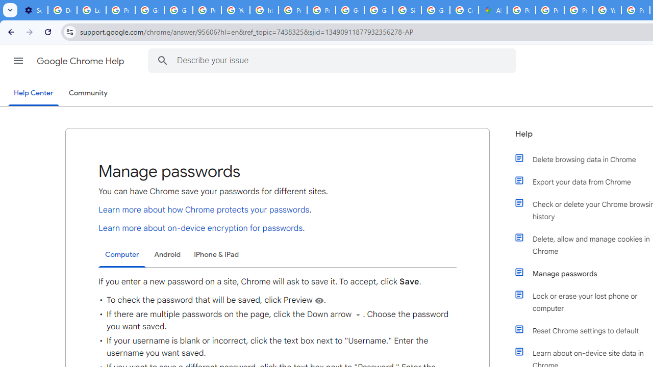  I want to click on 'Search Help Center', so click(162, 60).